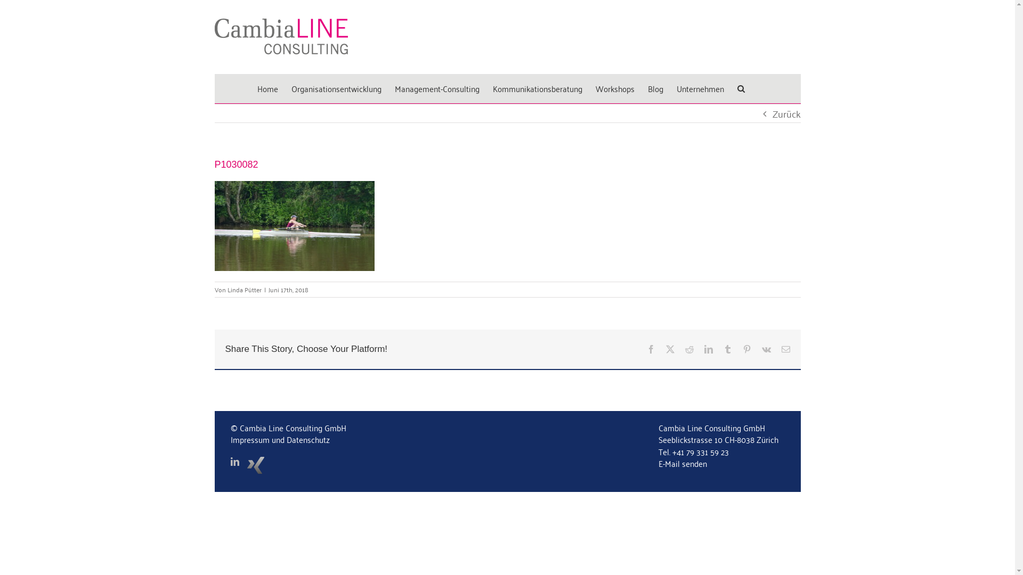 Image resolution: width=1023 pixels, height=575 pixels. I want to click on 'Kommunikationsberatung', so click(537, 88).